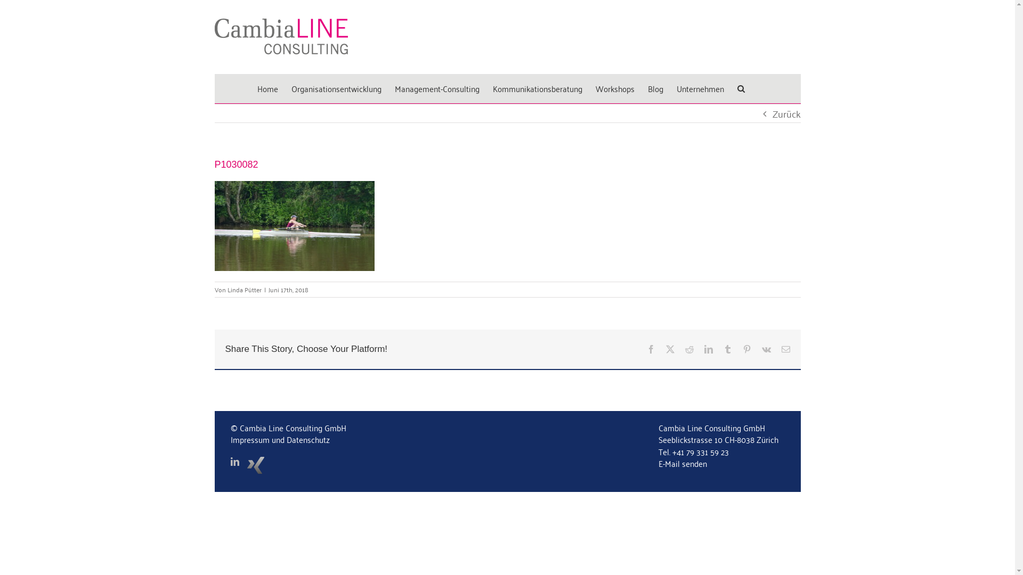 Image resolution: width=1023 pixels, height=575 pixels. I want to click on 'Kommunikationsberatung', so click(537, 88).